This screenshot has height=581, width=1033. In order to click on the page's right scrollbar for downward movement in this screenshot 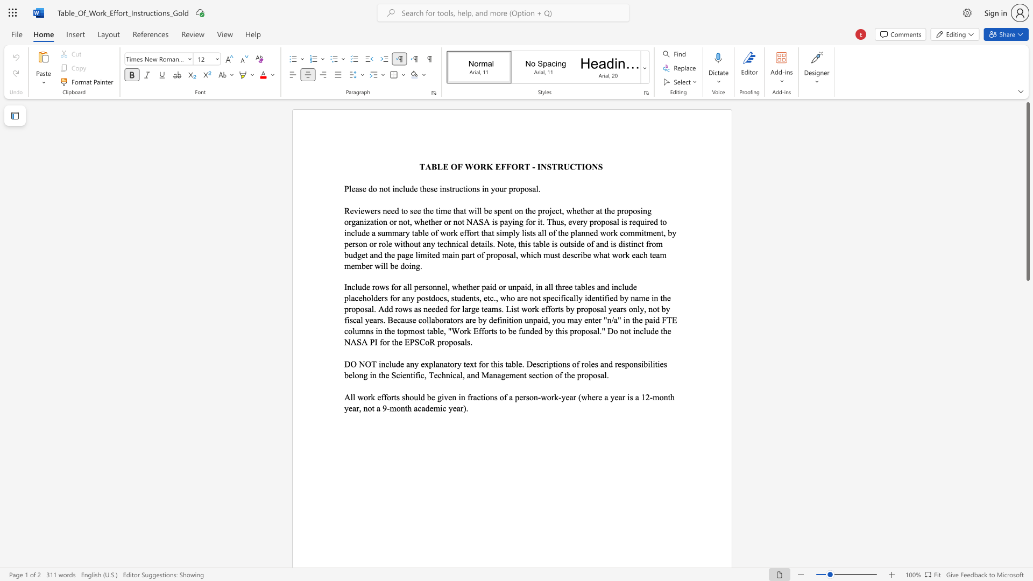, I will do `click(1027, 414)`.